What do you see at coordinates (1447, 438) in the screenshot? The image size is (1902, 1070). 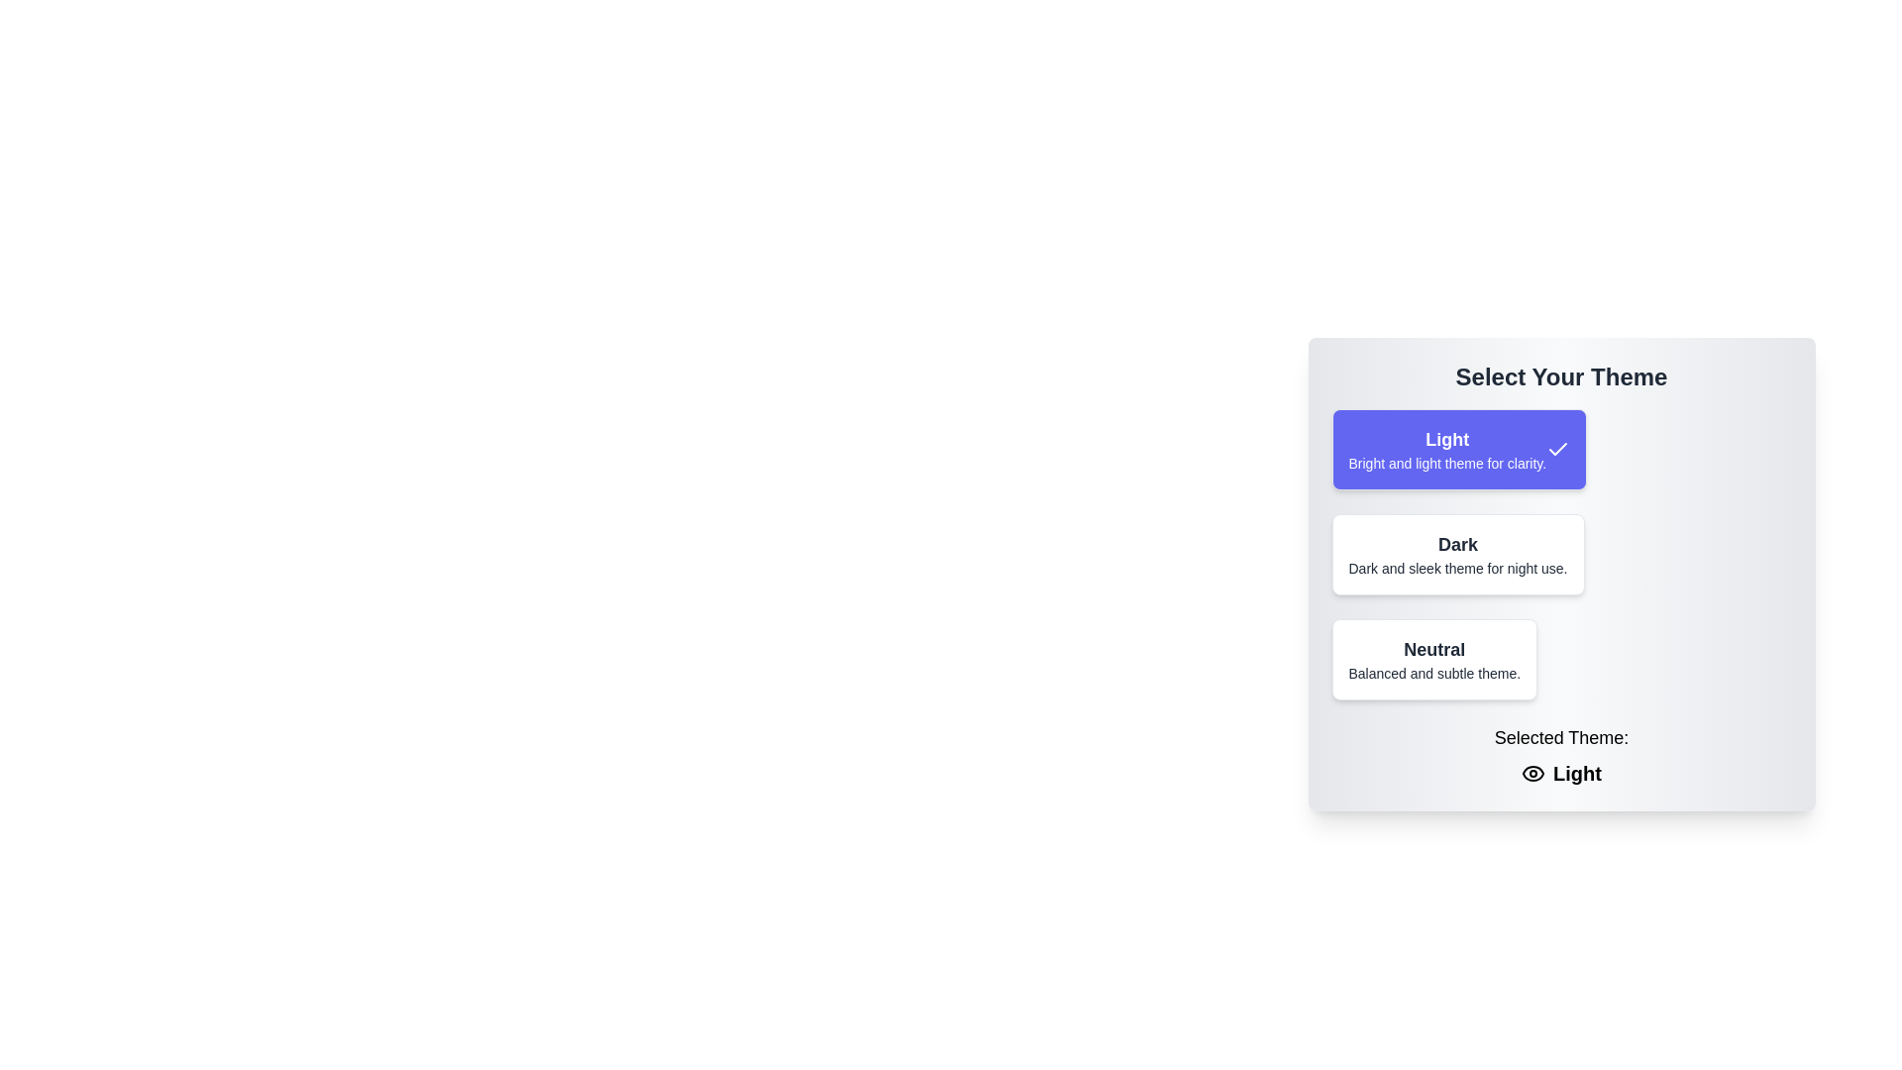 I see `the Text Label that identifies the 'Light' card in the theme selection interface, positioned at the top of the purple card` at bounding box center [1447, 438].